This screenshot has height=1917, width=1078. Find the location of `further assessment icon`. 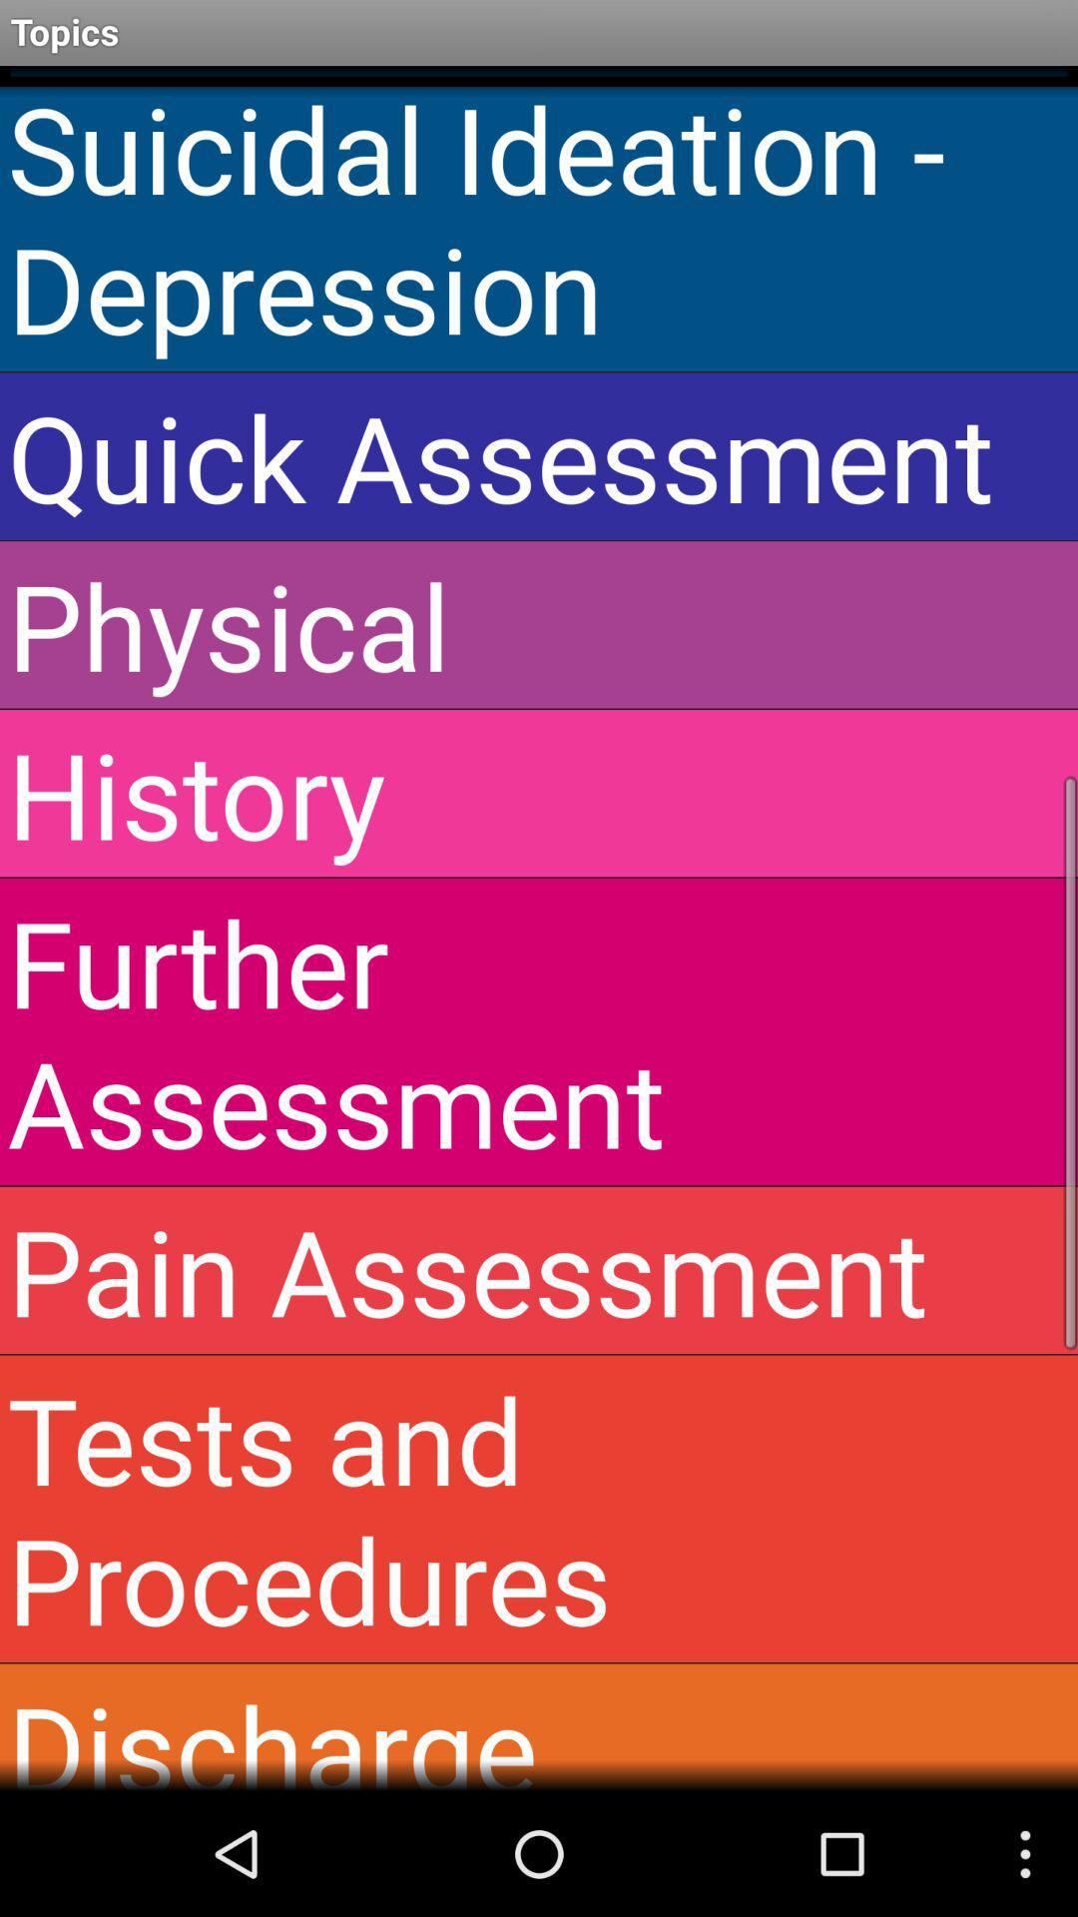

further assessment icon is located at coordinates (539, 1031).